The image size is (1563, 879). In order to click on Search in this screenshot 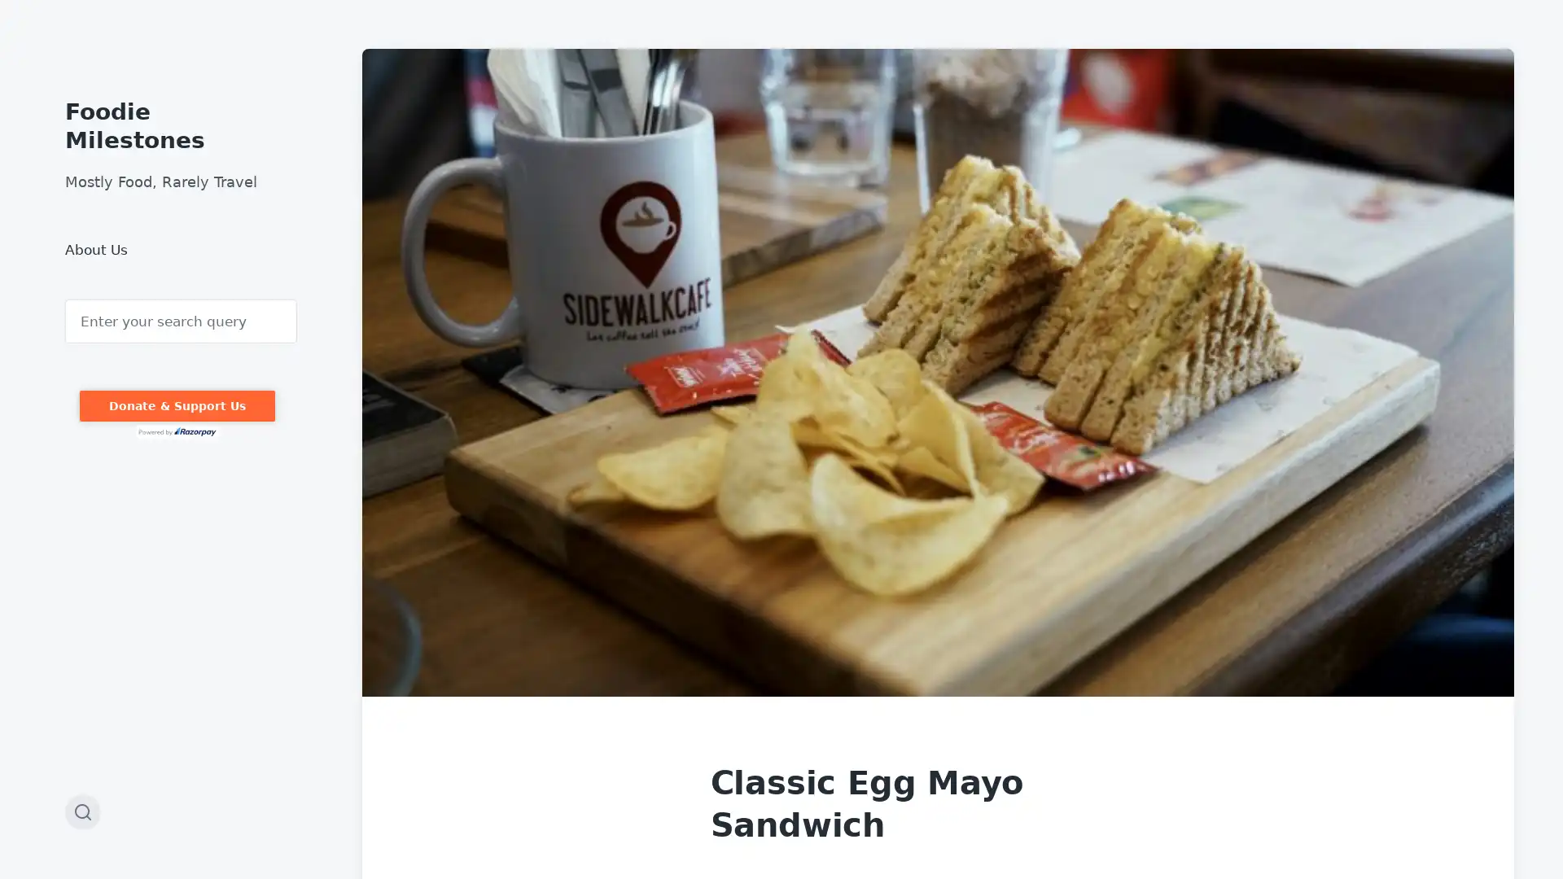, I will do `click(65, 300)`.